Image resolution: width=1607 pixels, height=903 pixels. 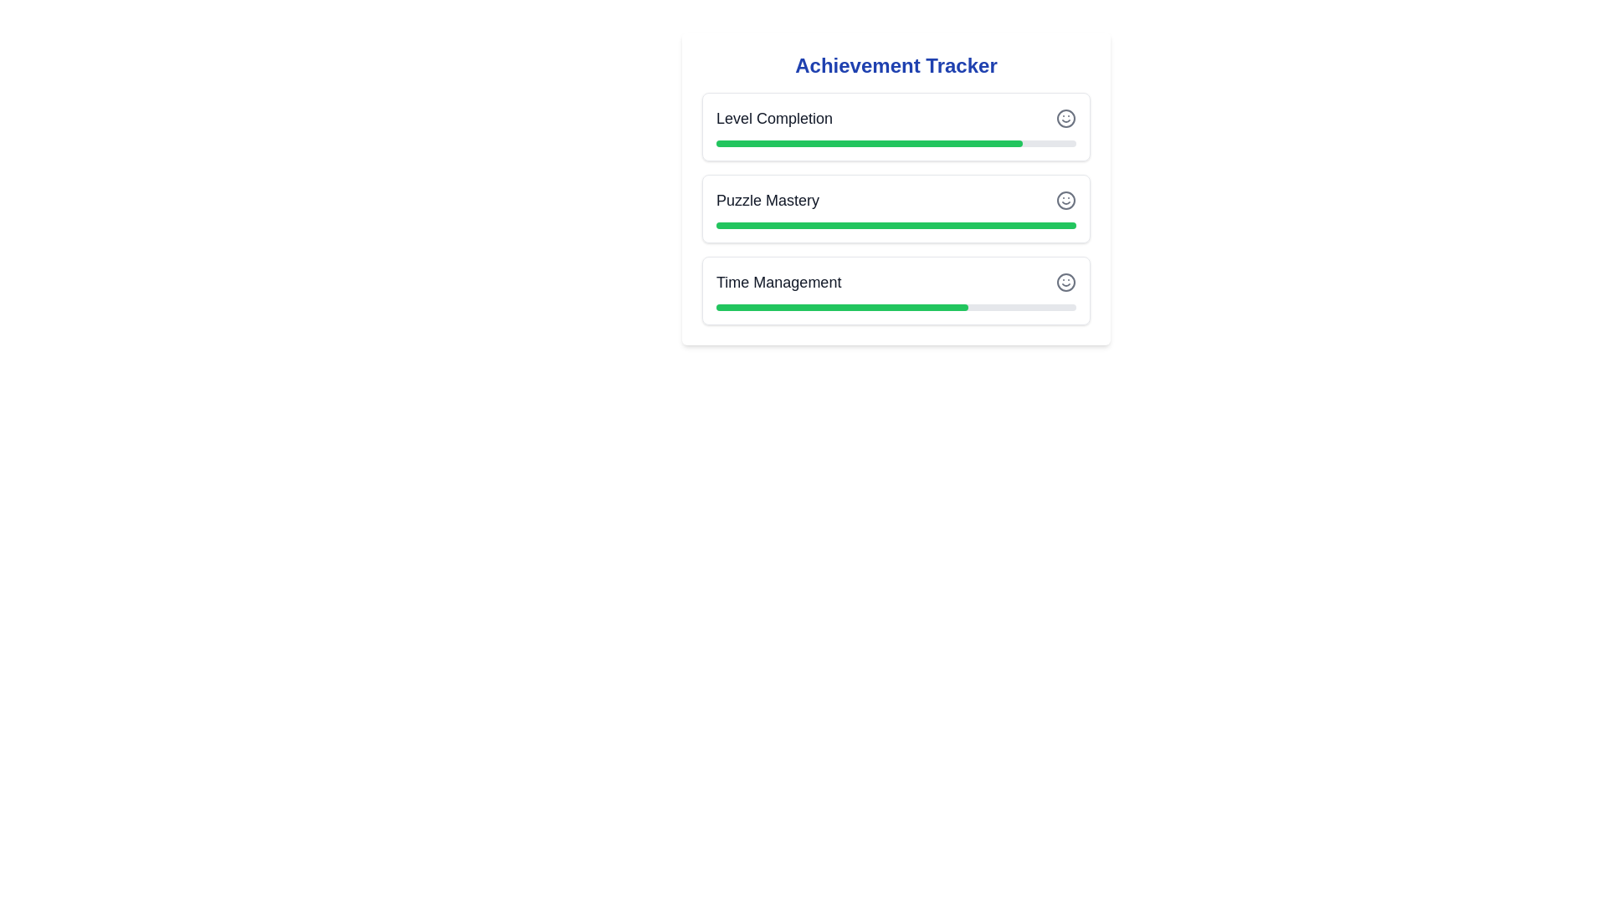 I want to click on the circular smiley face icon, which is styled with thin gray strokes and located to the right of the 'Time Management' text, so click(x=1065, y=282).